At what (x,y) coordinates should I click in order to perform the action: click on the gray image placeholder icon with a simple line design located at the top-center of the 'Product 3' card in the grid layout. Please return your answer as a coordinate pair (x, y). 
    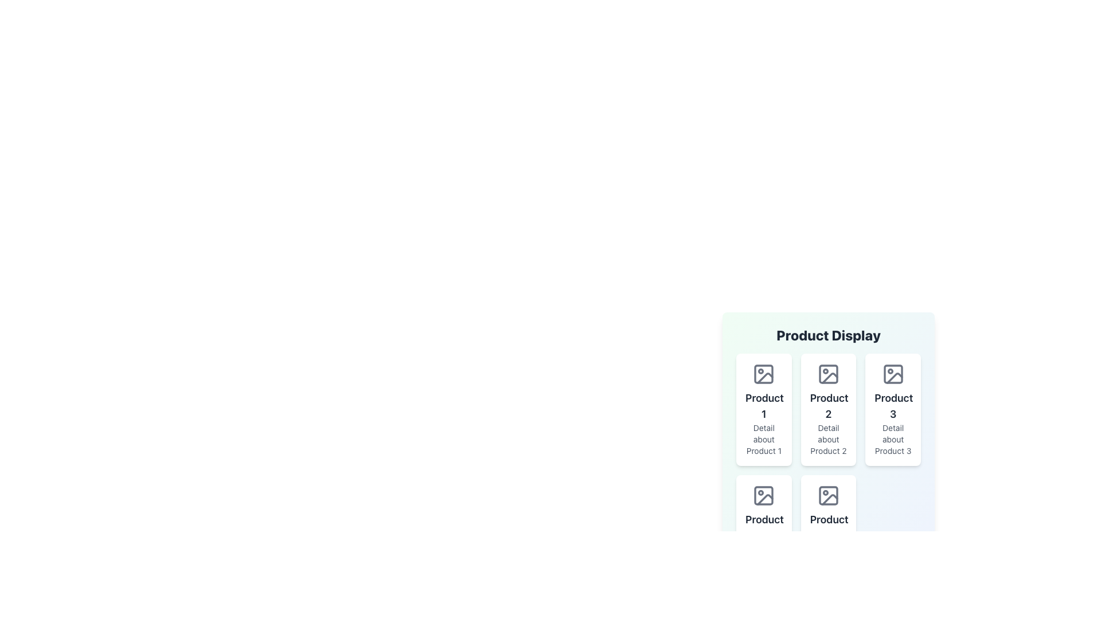
    Looking at the image, I should click on (892, 374).